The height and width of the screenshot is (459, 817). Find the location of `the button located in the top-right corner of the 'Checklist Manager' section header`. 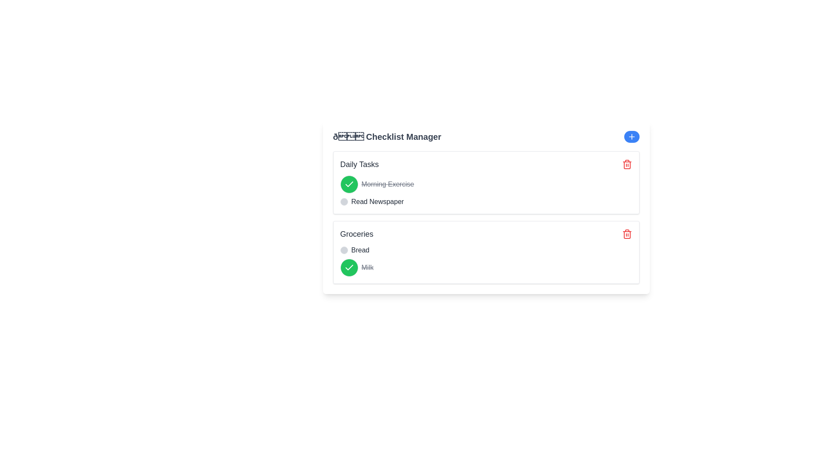

the button located in the top-right corner of the 'Checklist Manager' section header is located at coordinates (631, 136).